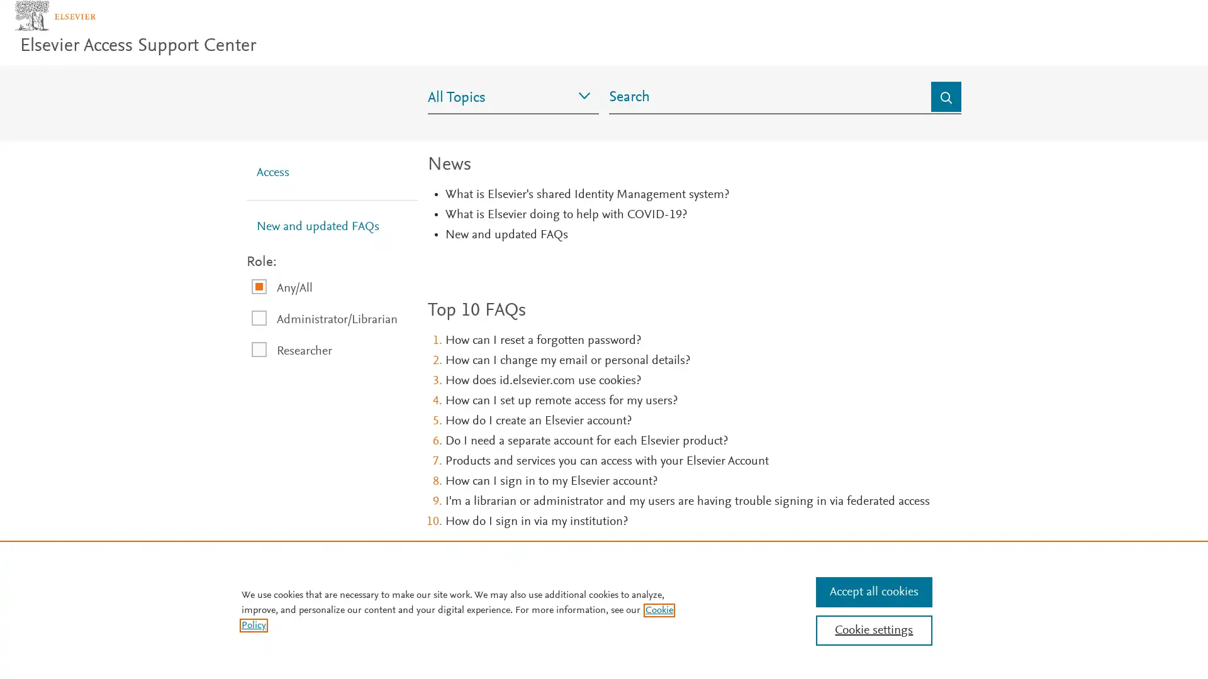 The height and width of the screenshot is (679, 1208). I want to click on Cookie settings, so click(873, 630).